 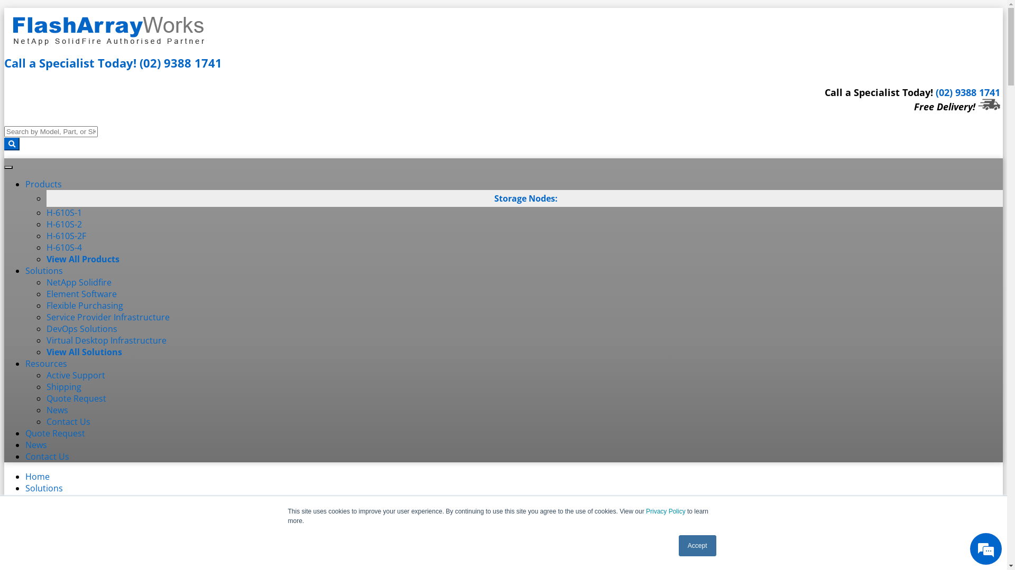 I want to click on 'Toggle navigation', so click(x=8, y=166).